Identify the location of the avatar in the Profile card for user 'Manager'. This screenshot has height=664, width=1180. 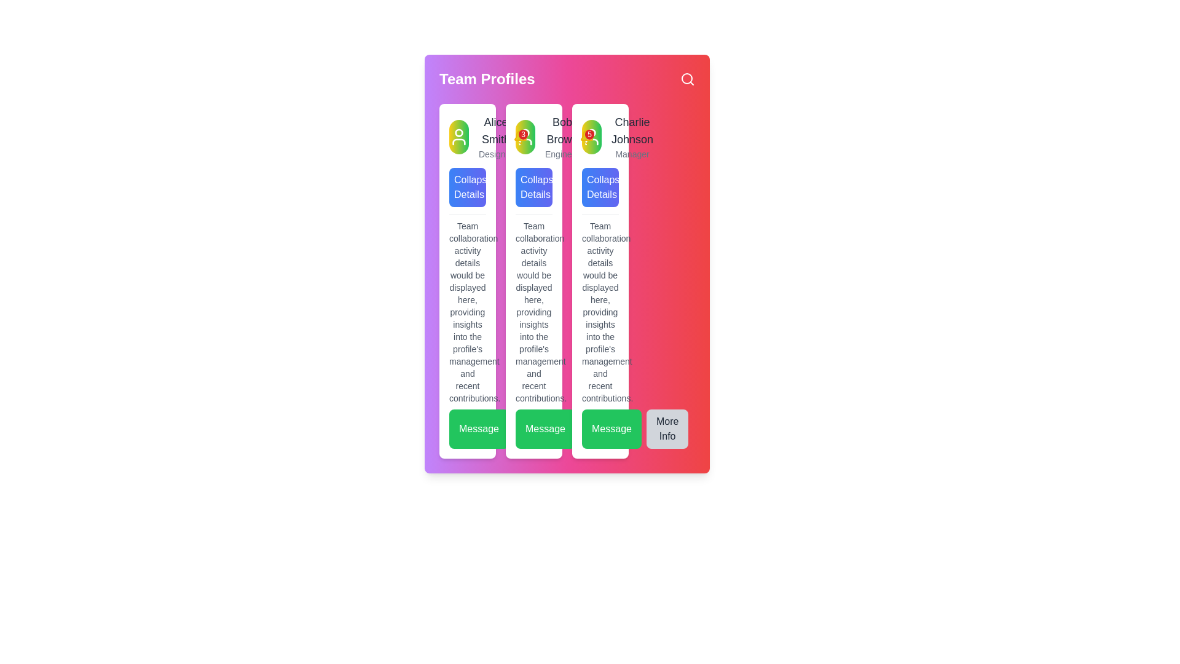
(600, 137).